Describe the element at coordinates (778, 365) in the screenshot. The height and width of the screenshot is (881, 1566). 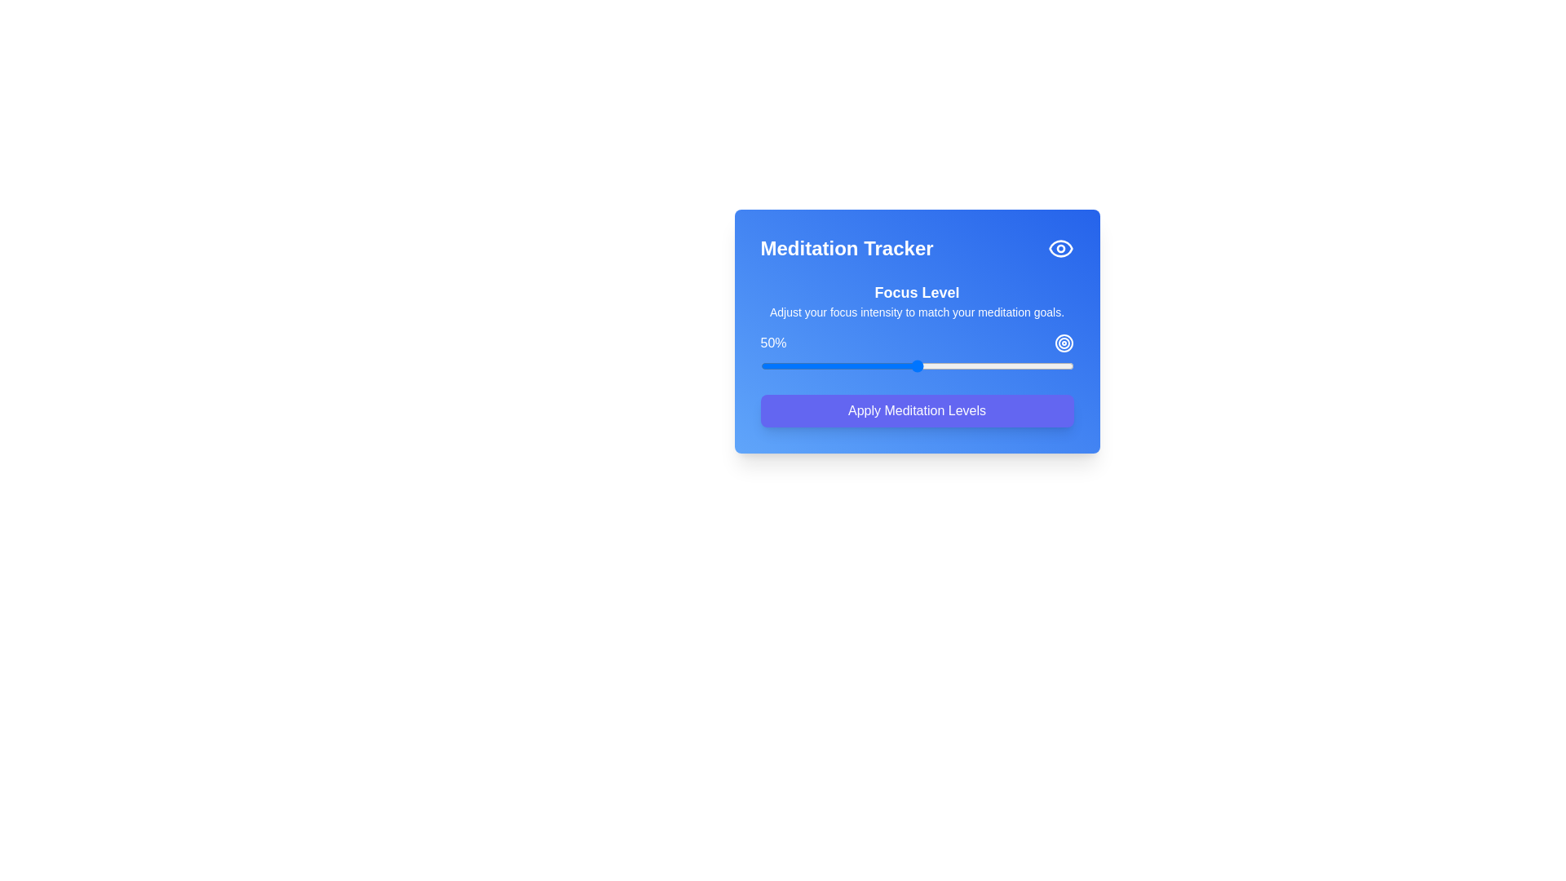
I see `the focus level` at that location.